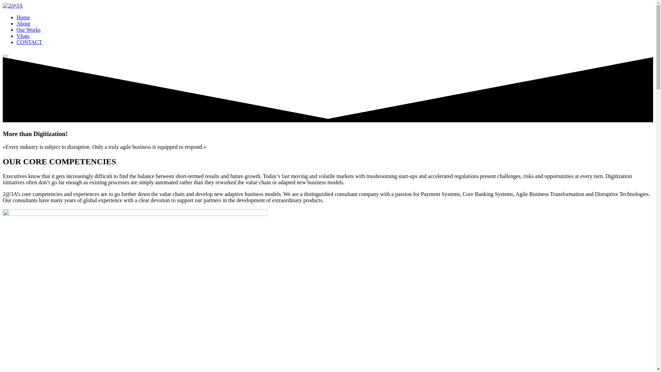 Image resolution: width=661 pixels, height=372 pixels. Describe the element at coordinates (5, 55) in the screenshot. I see `'Main menu'` at that location.